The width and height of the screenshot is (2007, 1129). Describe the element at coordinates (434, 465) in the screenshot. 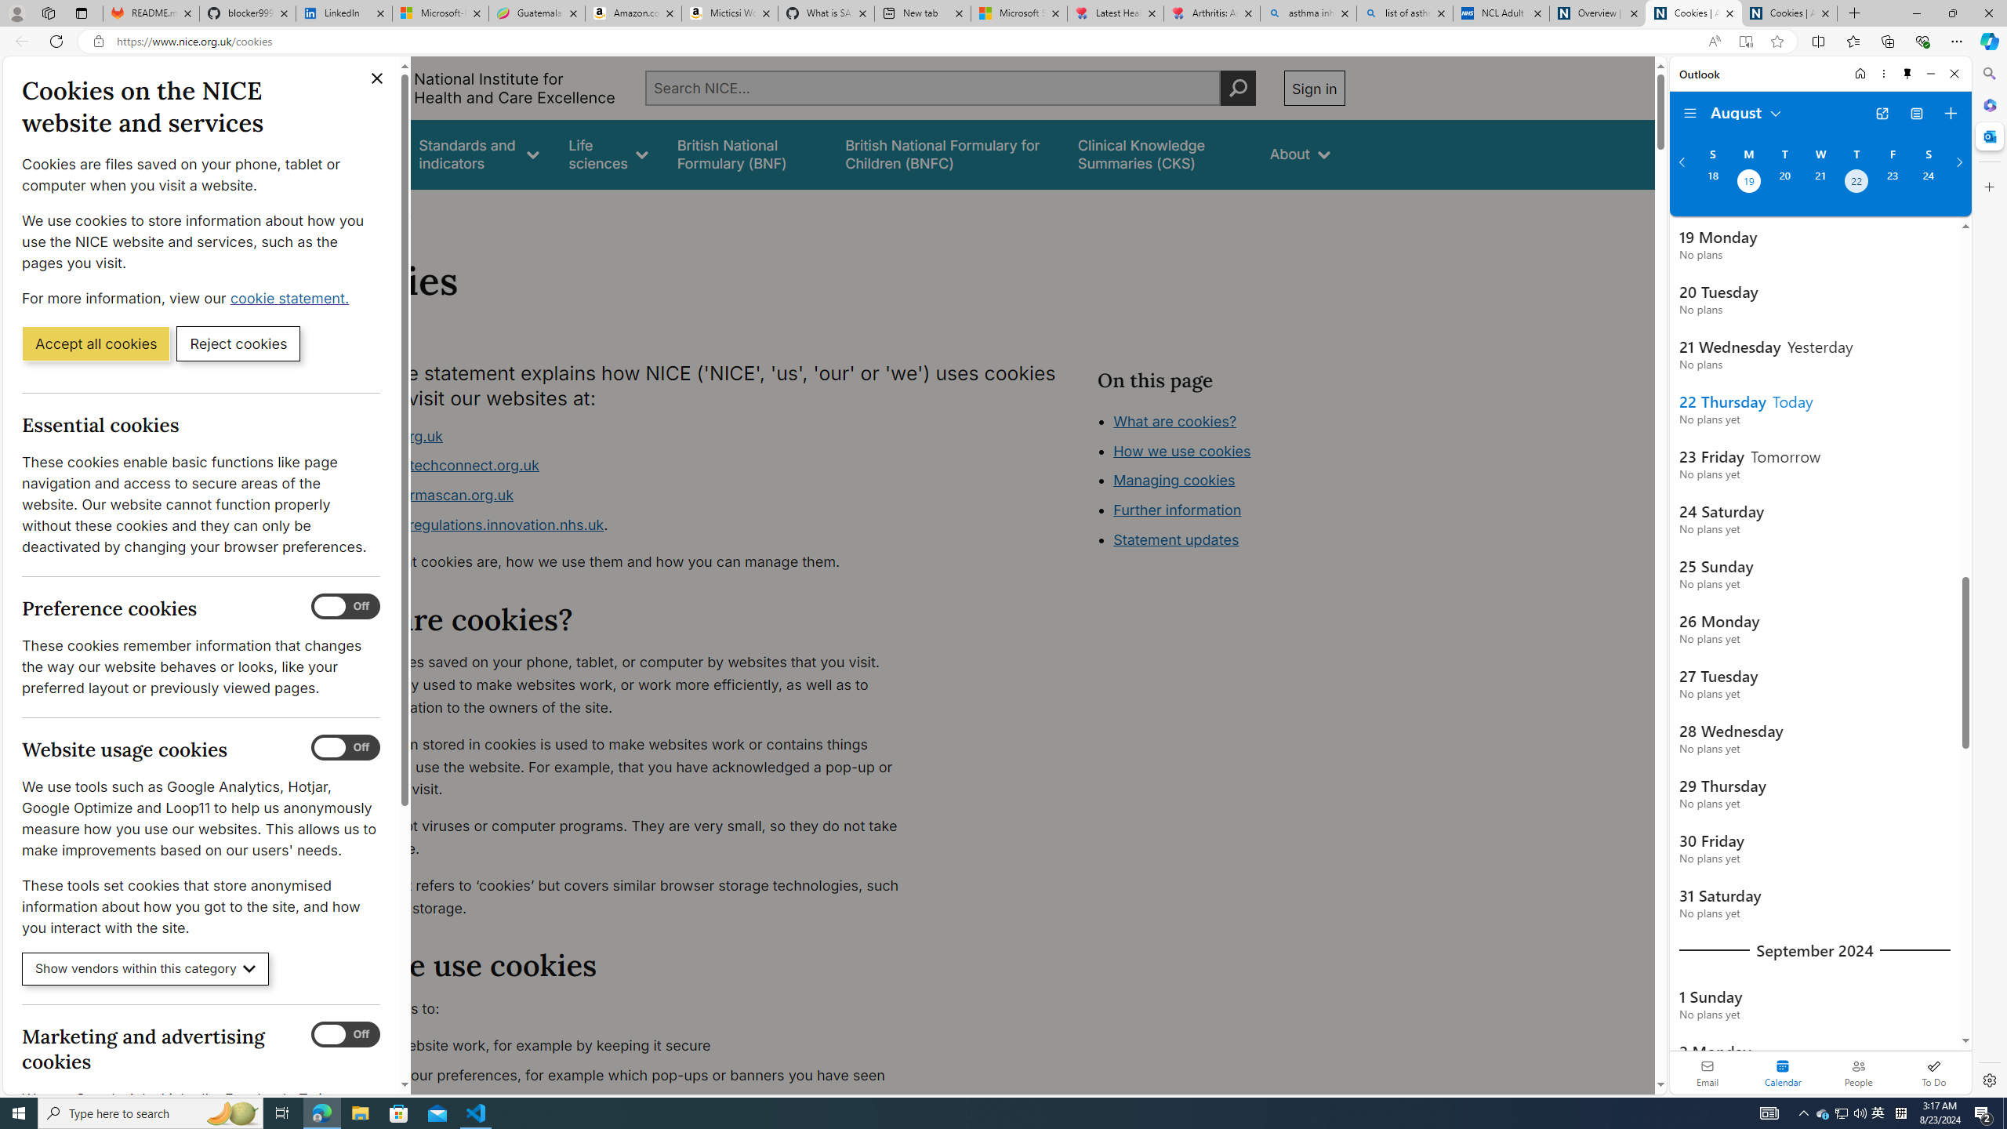

I see `'www.healthtechconnect.org.uk'` at that location.